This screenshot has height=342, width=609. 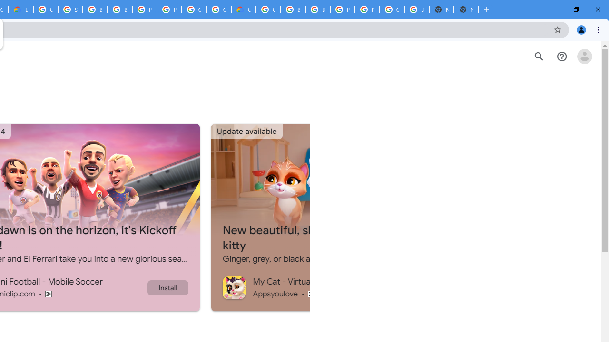 I want to click on 'Open account menu', so click(x=584, y=57).